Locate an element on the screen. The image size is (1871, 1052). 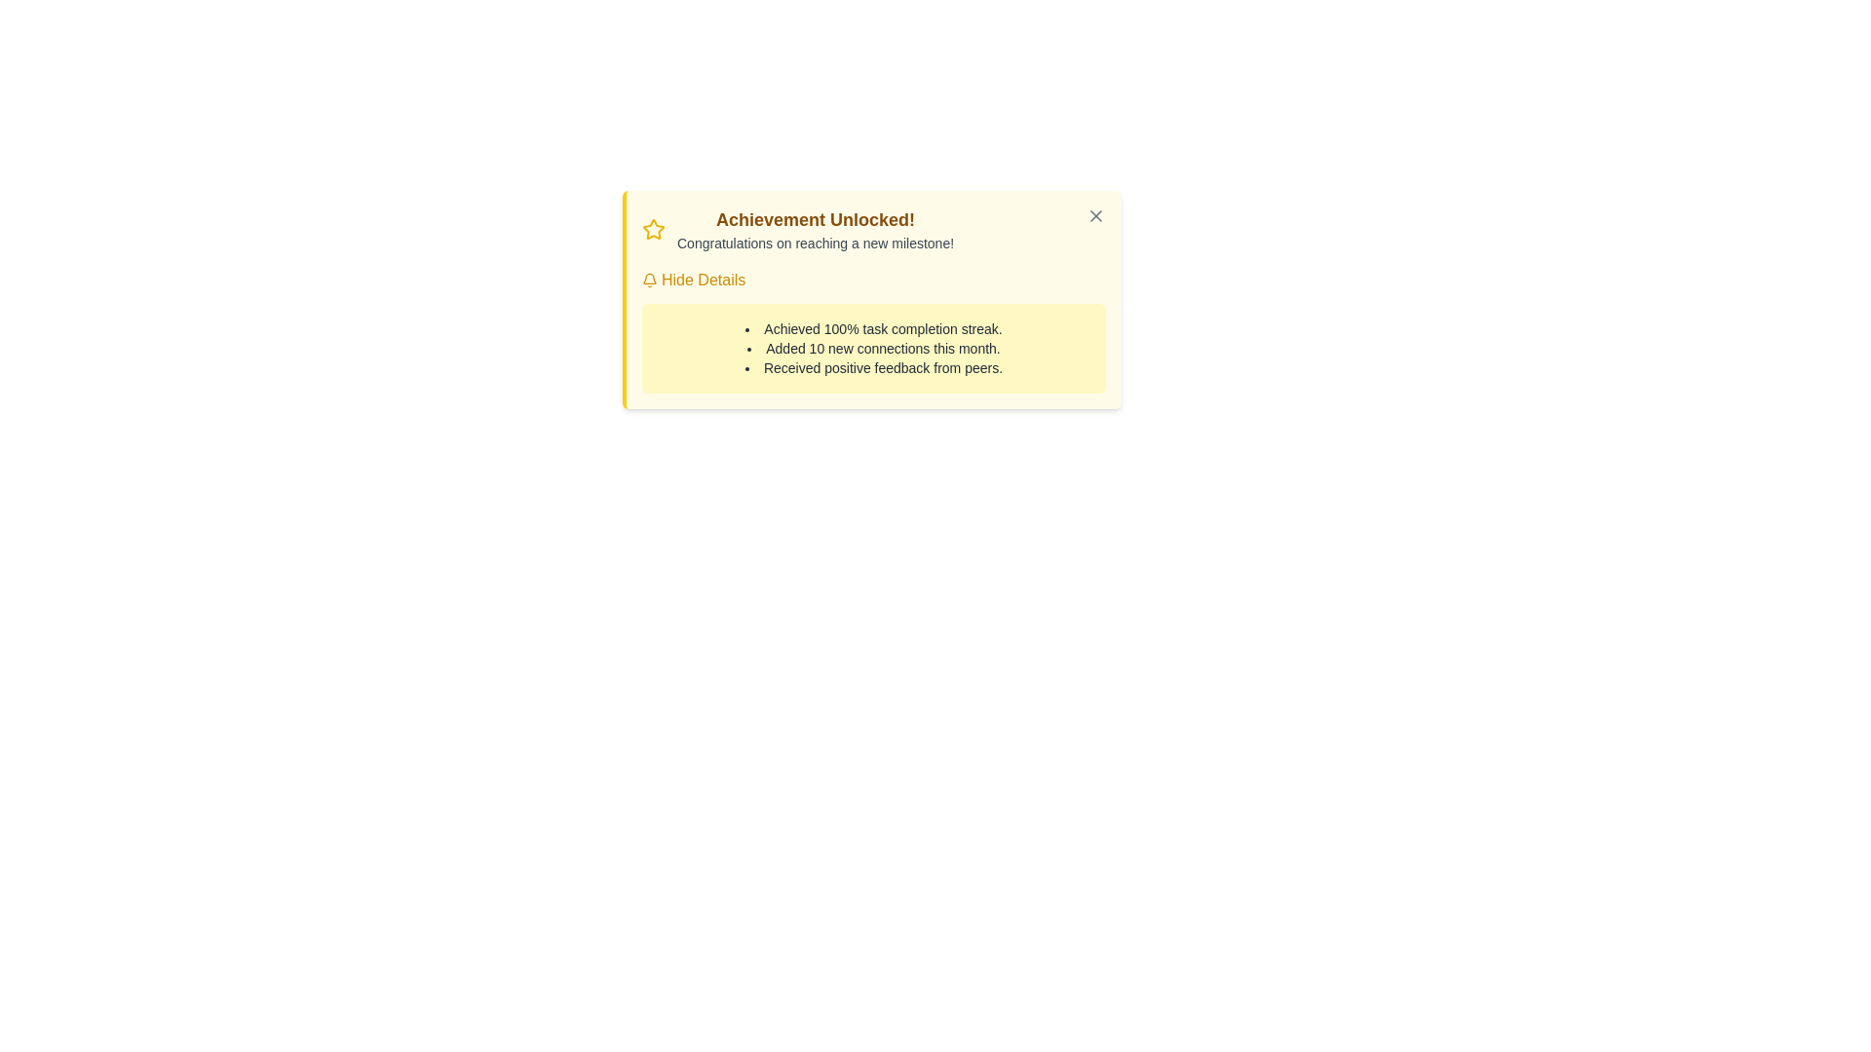
the notification bell icon located in the top-right area of the notification card is located at coordinates (650, 279).